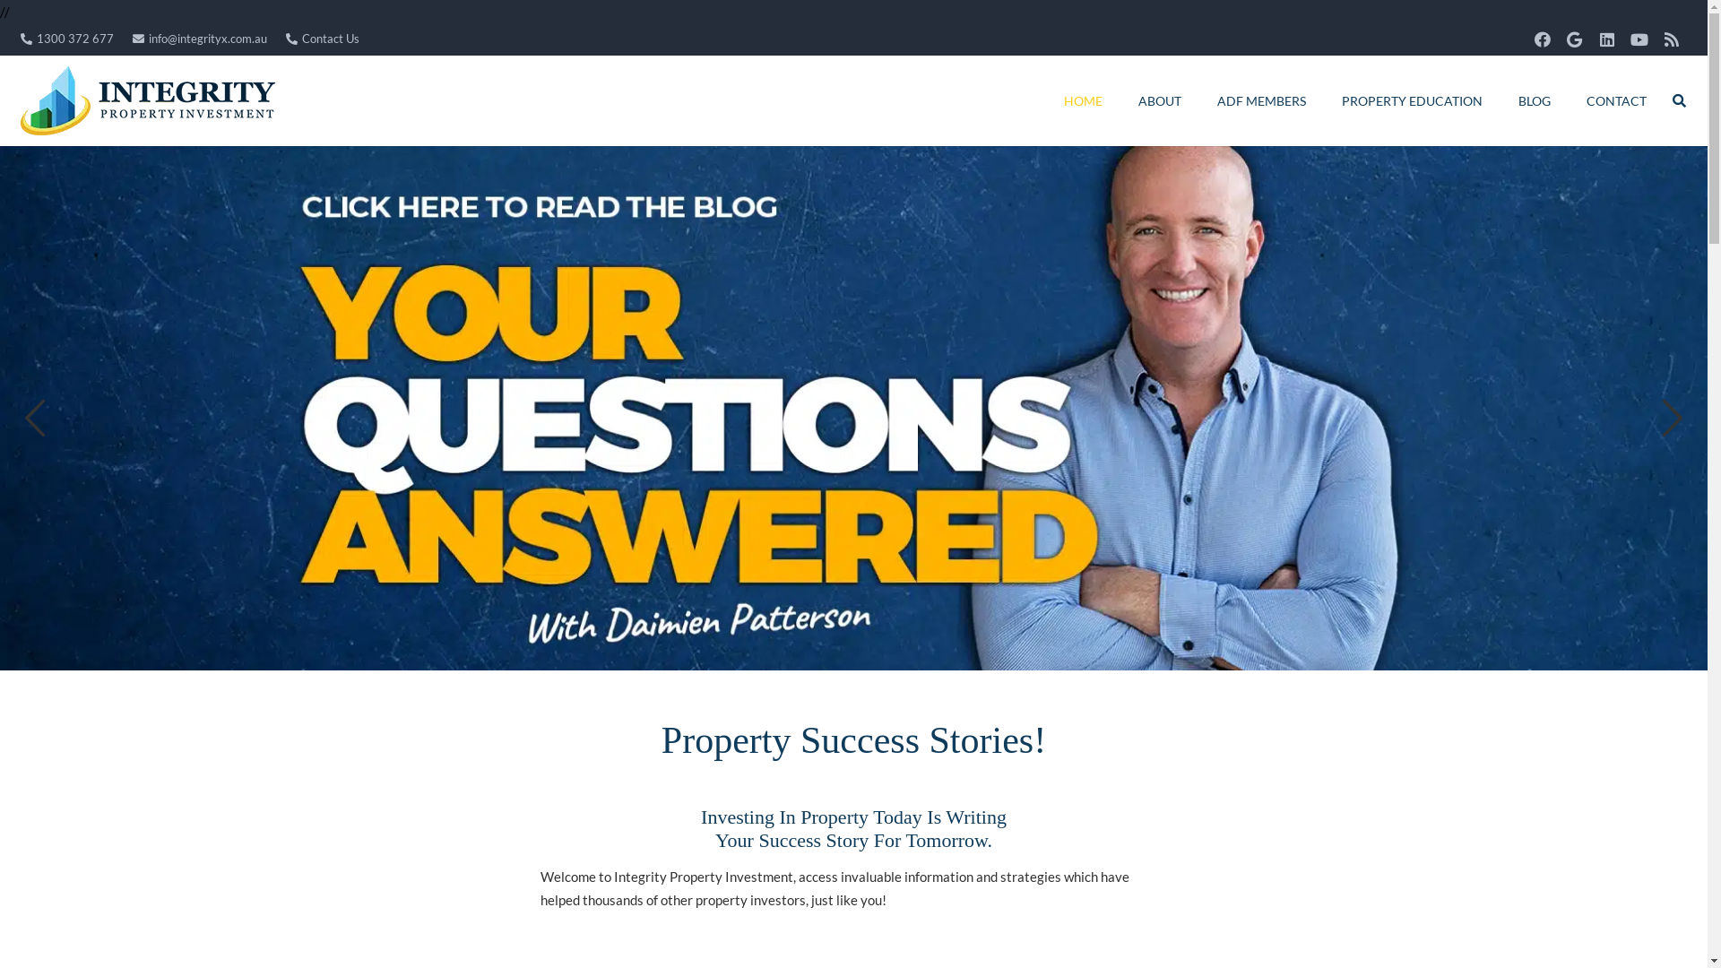 This screenshot has height=968, width=1721. I want to click on 'info@integrityx.com.au', so click(199, 38).